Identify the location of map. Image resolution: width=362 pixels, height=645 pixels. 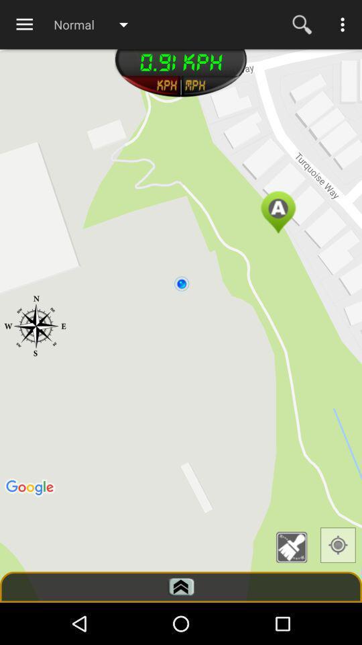
(337, 545).